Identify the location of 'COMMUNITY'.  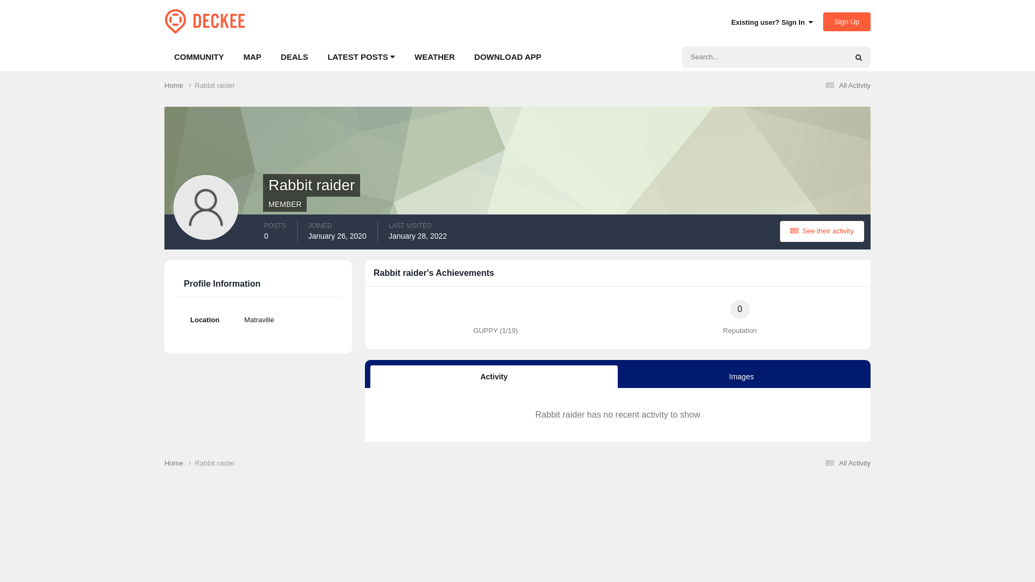
(199, 57).